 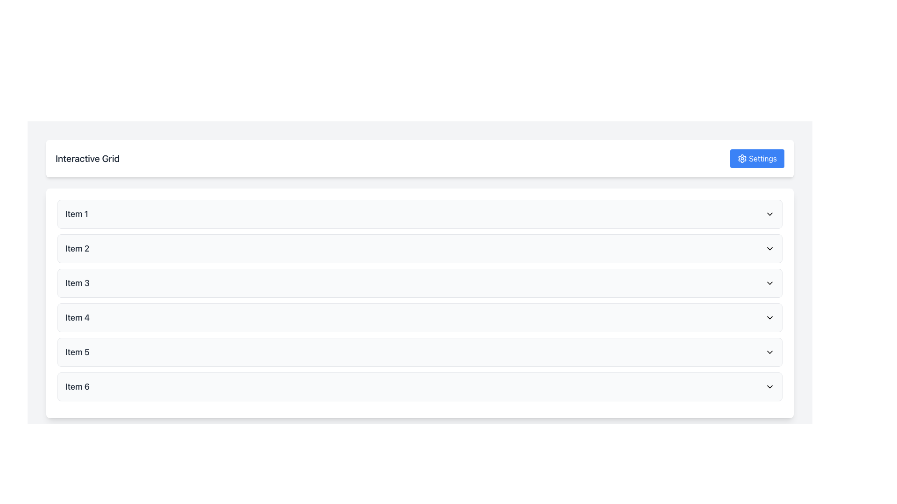 I want to click on the text label representing the title of the third item in a vertically arranged list, which is aligned to the left and adjacent to a dropdown icon, so click(x=77, y=282).